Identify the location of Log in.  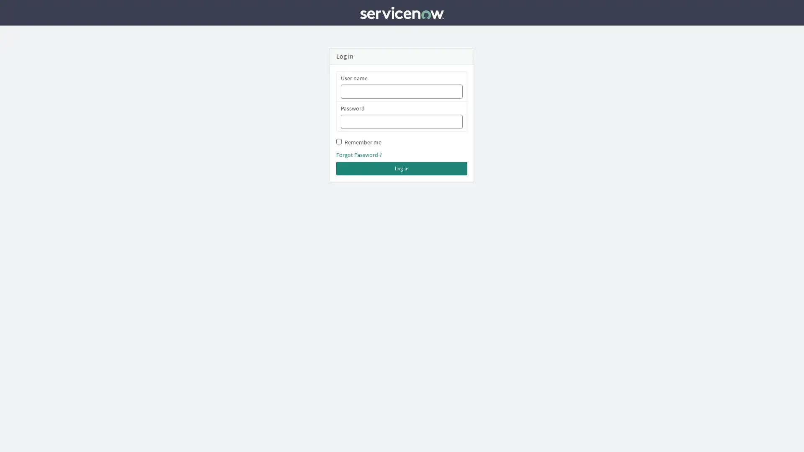
(401, 168).